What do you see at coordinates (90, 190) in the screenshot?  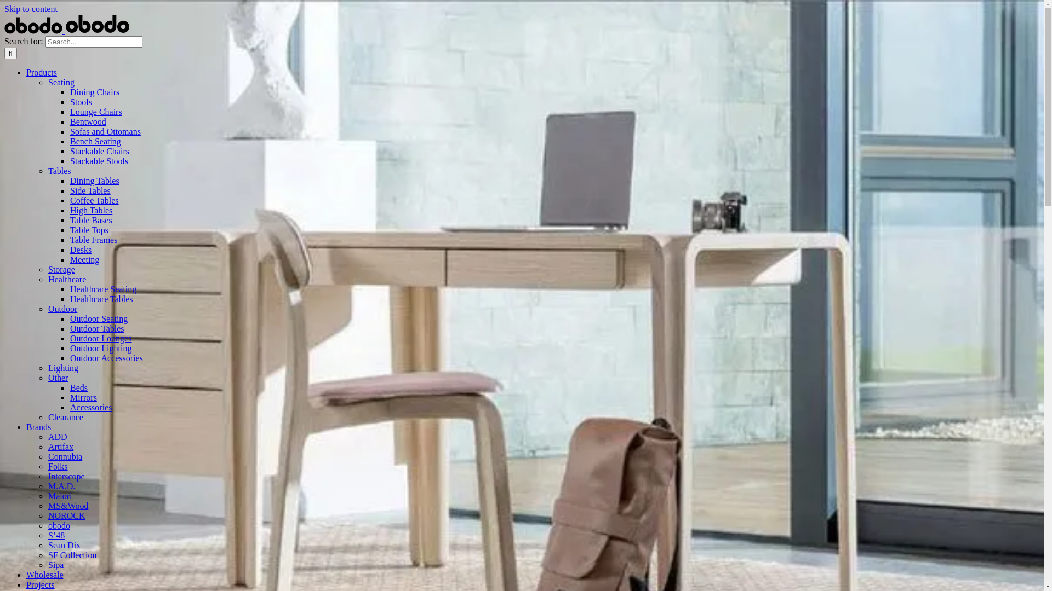 I see `'Side Tables'` at bounding box center [90, 190].